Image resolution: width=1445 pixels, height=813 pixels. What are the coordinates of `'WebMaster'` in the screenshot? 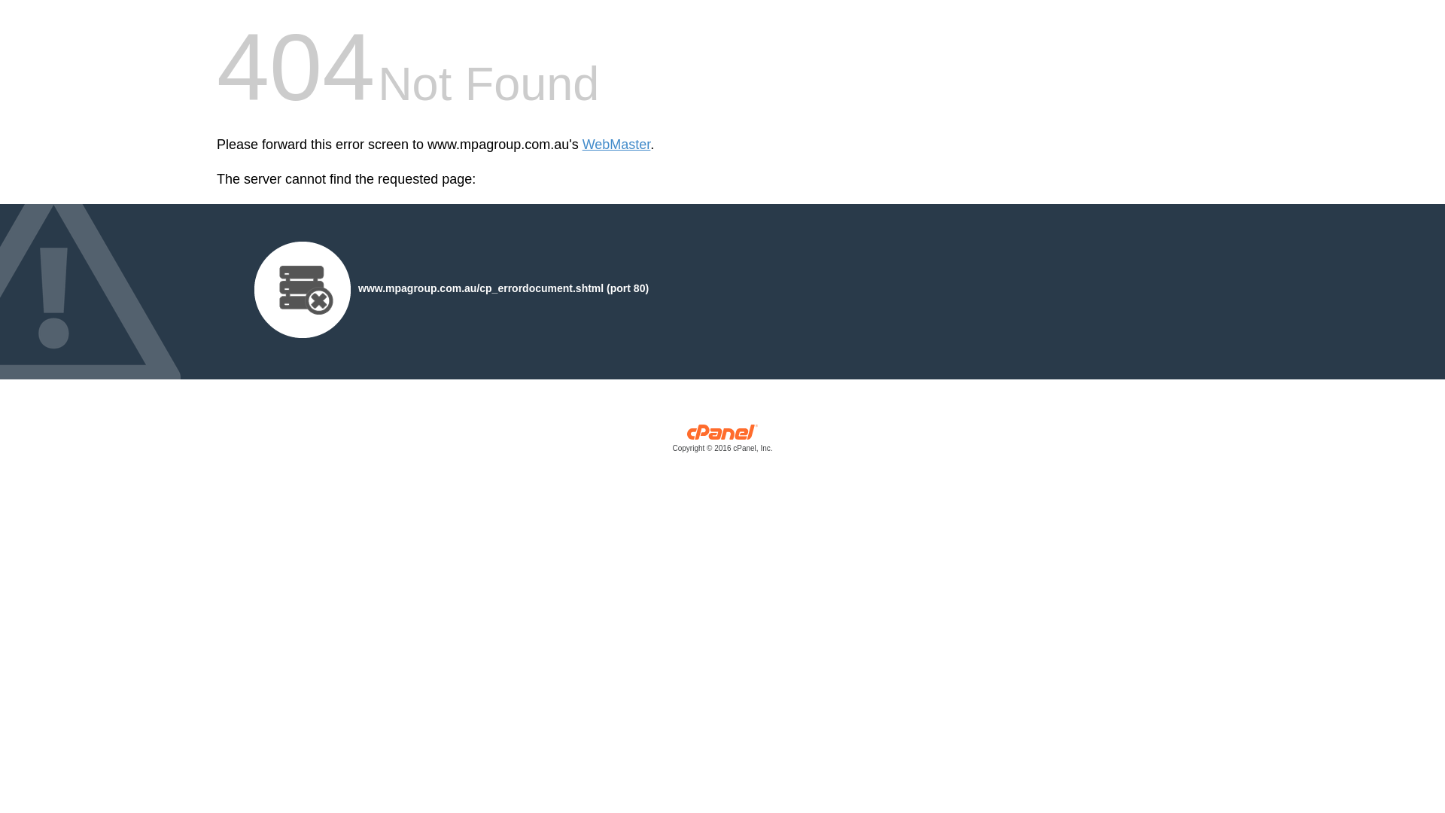 It's located at (616, 145).